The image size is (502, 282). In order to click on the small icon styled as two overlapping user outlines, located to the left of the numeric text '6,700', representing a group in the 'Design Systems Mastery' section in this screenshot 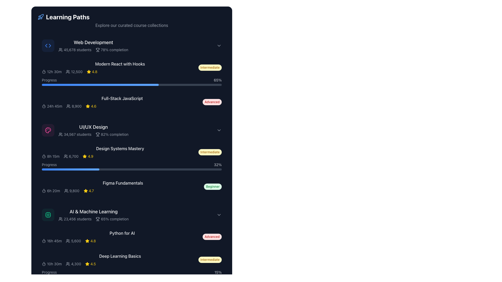, I will do `click(65, 156)`.